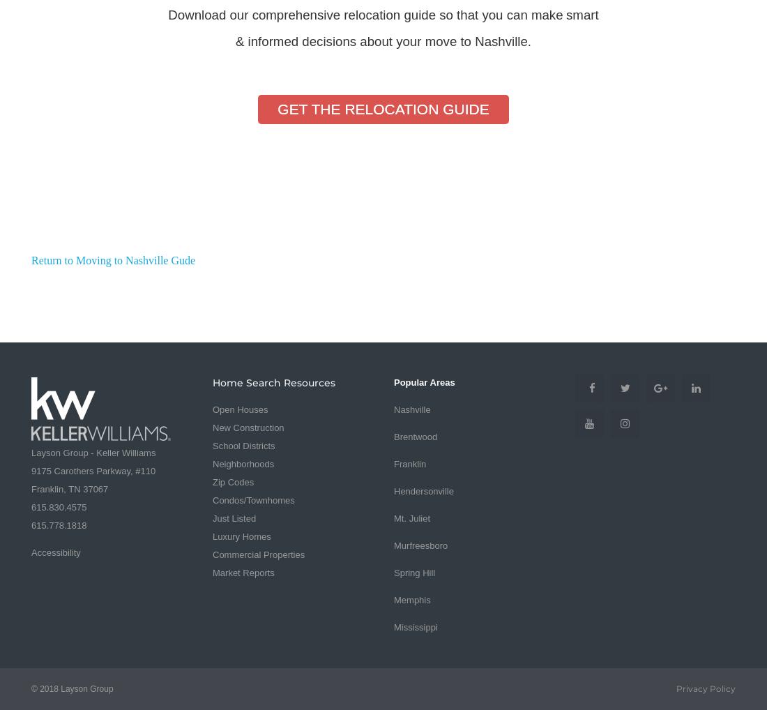 This screenshot has height=710, width=767. What do you see at coordinates (212, 381) in the screenshot?
I see `'Home Search Resources'` at bounding box center [212, 381].